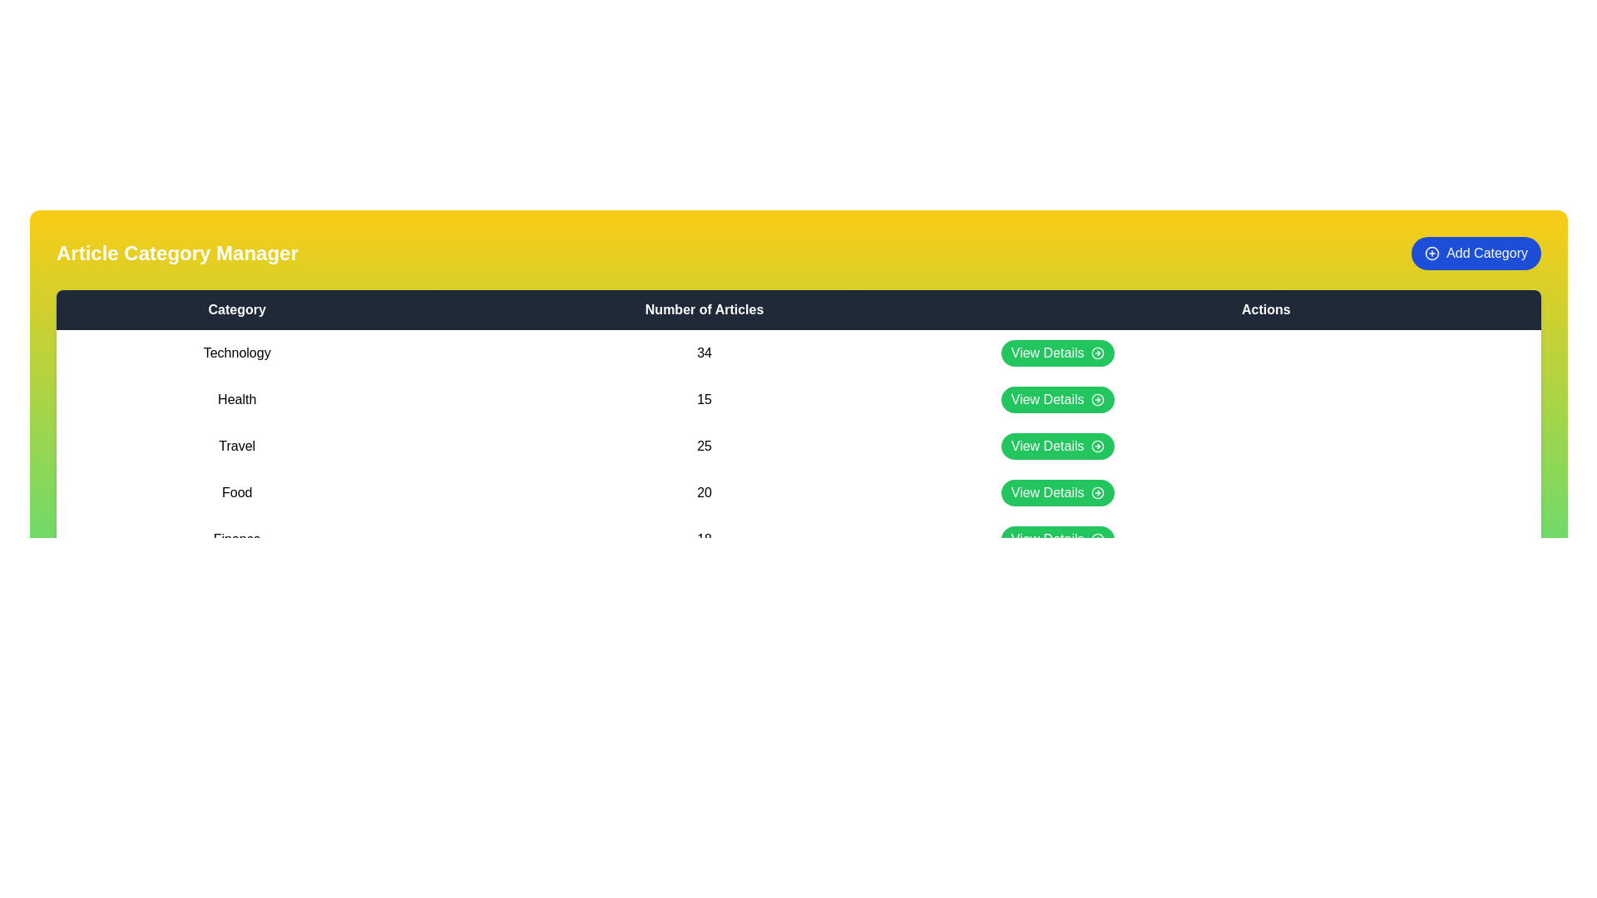  I want to click on the category name Food in the table, so click(236, 492).